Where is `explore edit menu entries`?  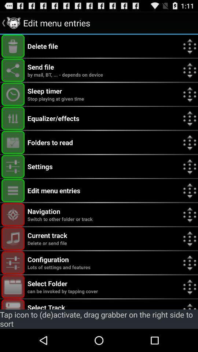
explore edit menu entries is located at coordinates (13, 190).